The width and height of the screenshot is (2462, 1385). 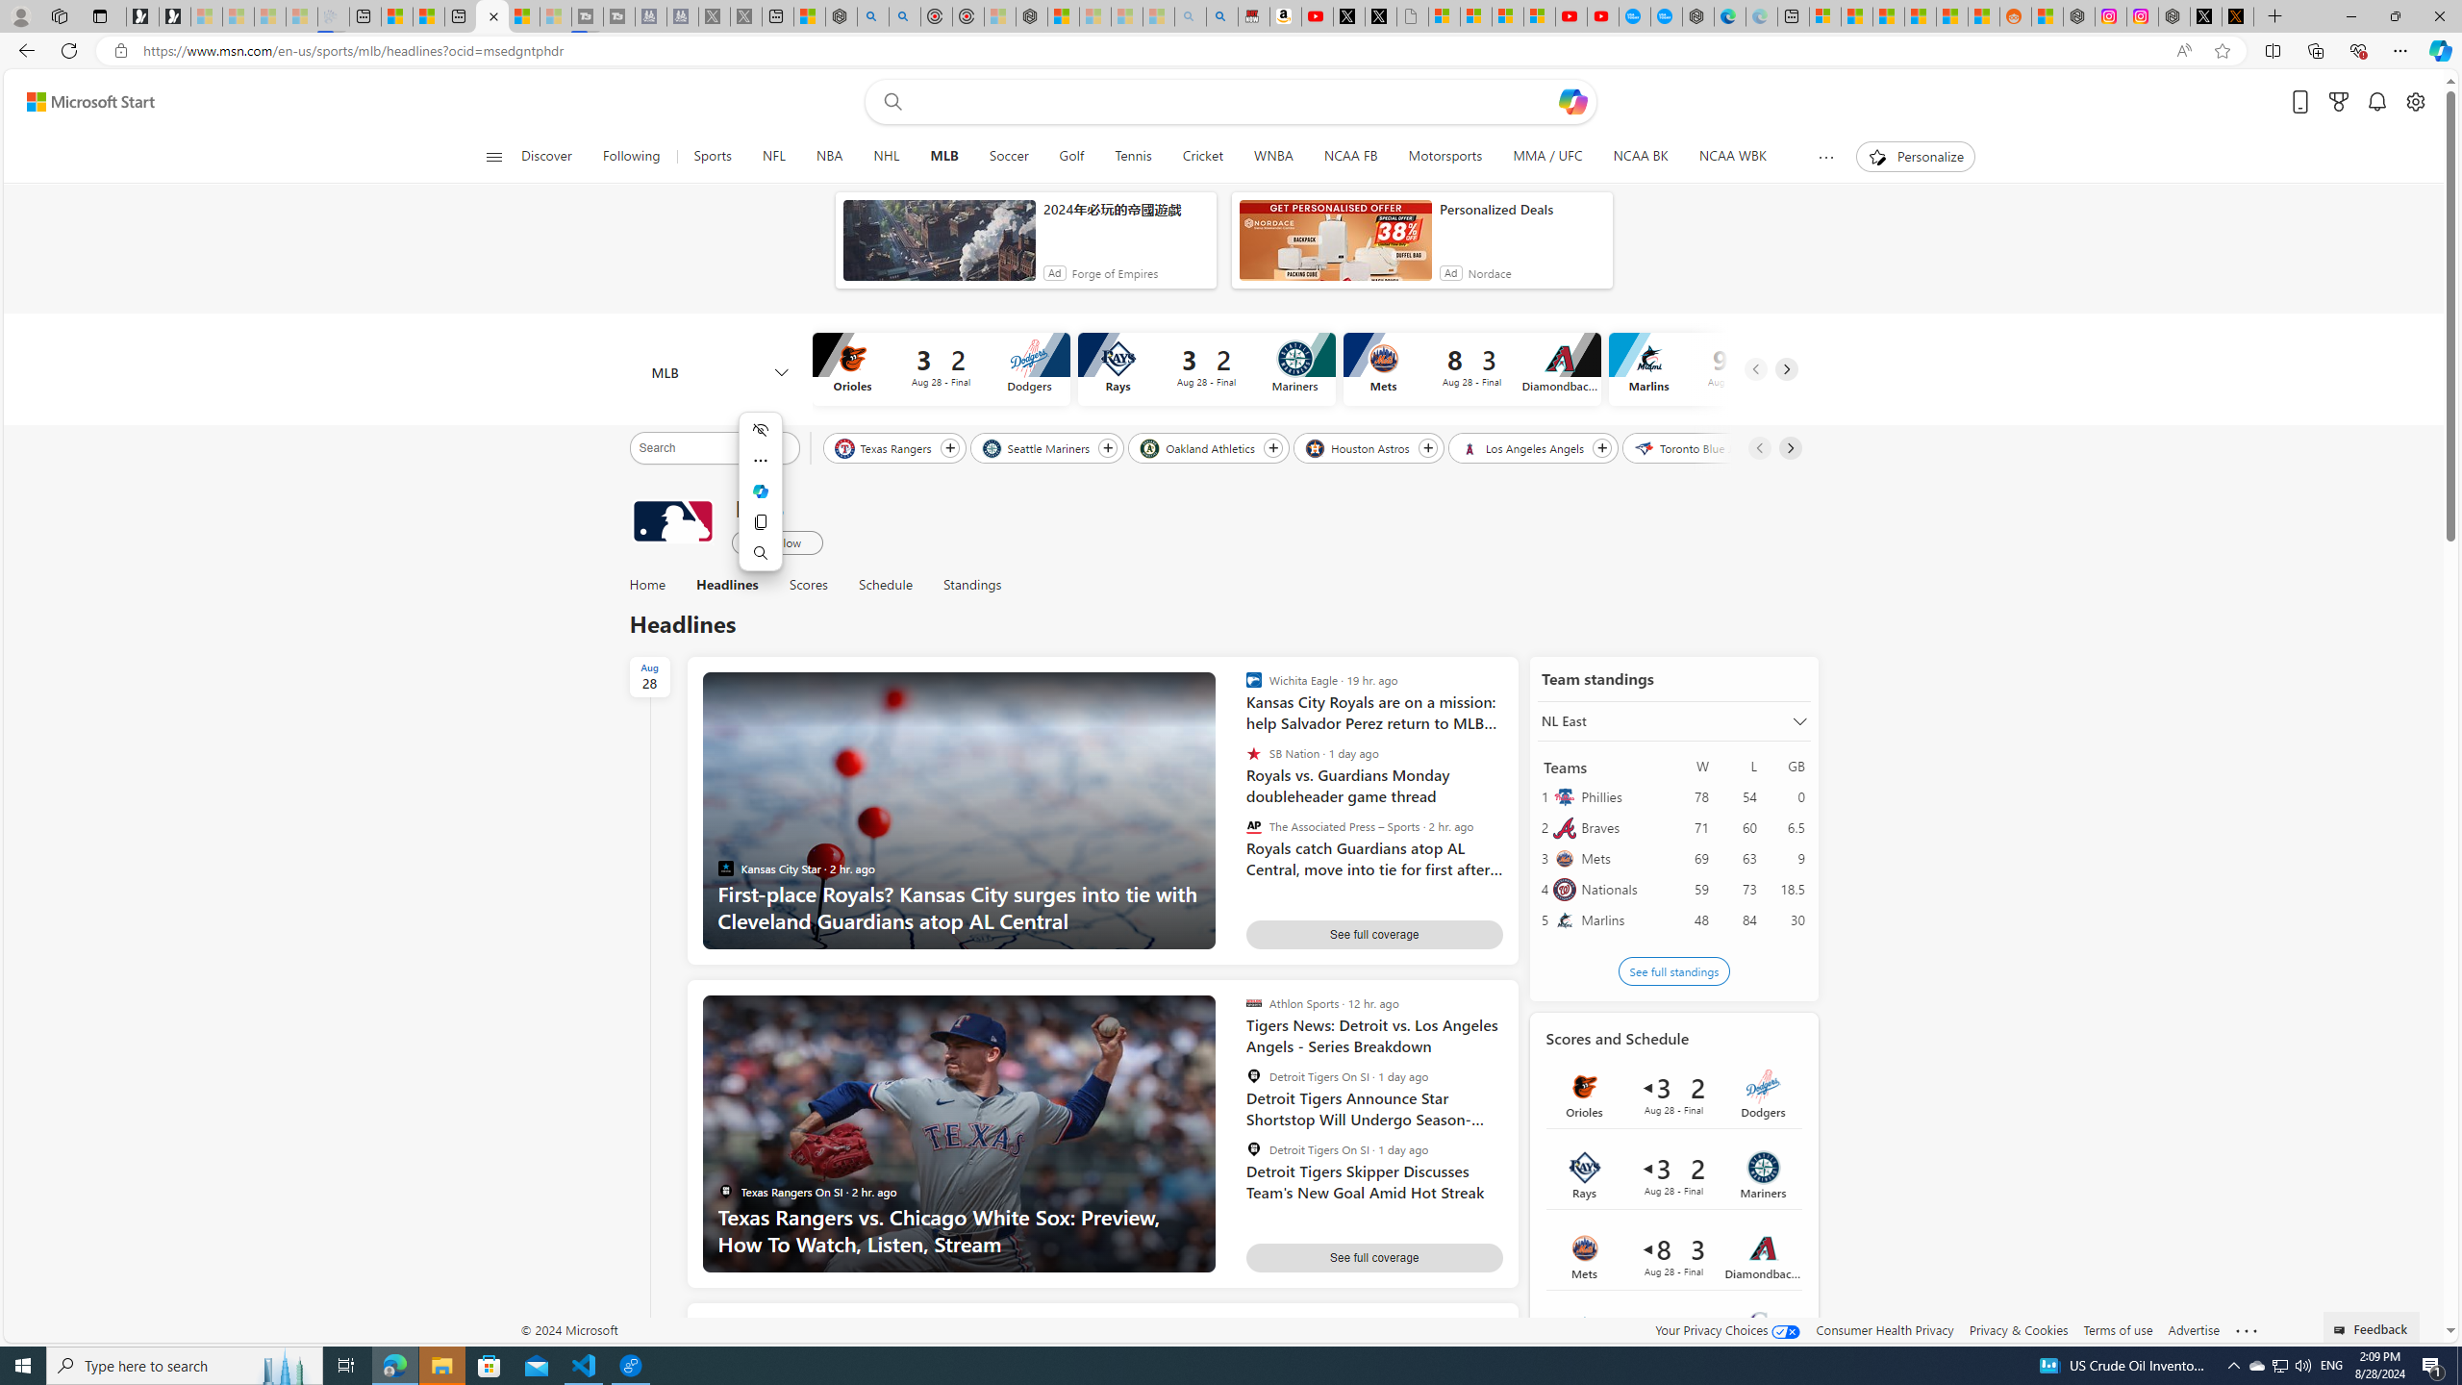 What do you see at coordinates (885, 585) in the screenshot?
I see `'Schedule'` at bounding box center [885, 585].